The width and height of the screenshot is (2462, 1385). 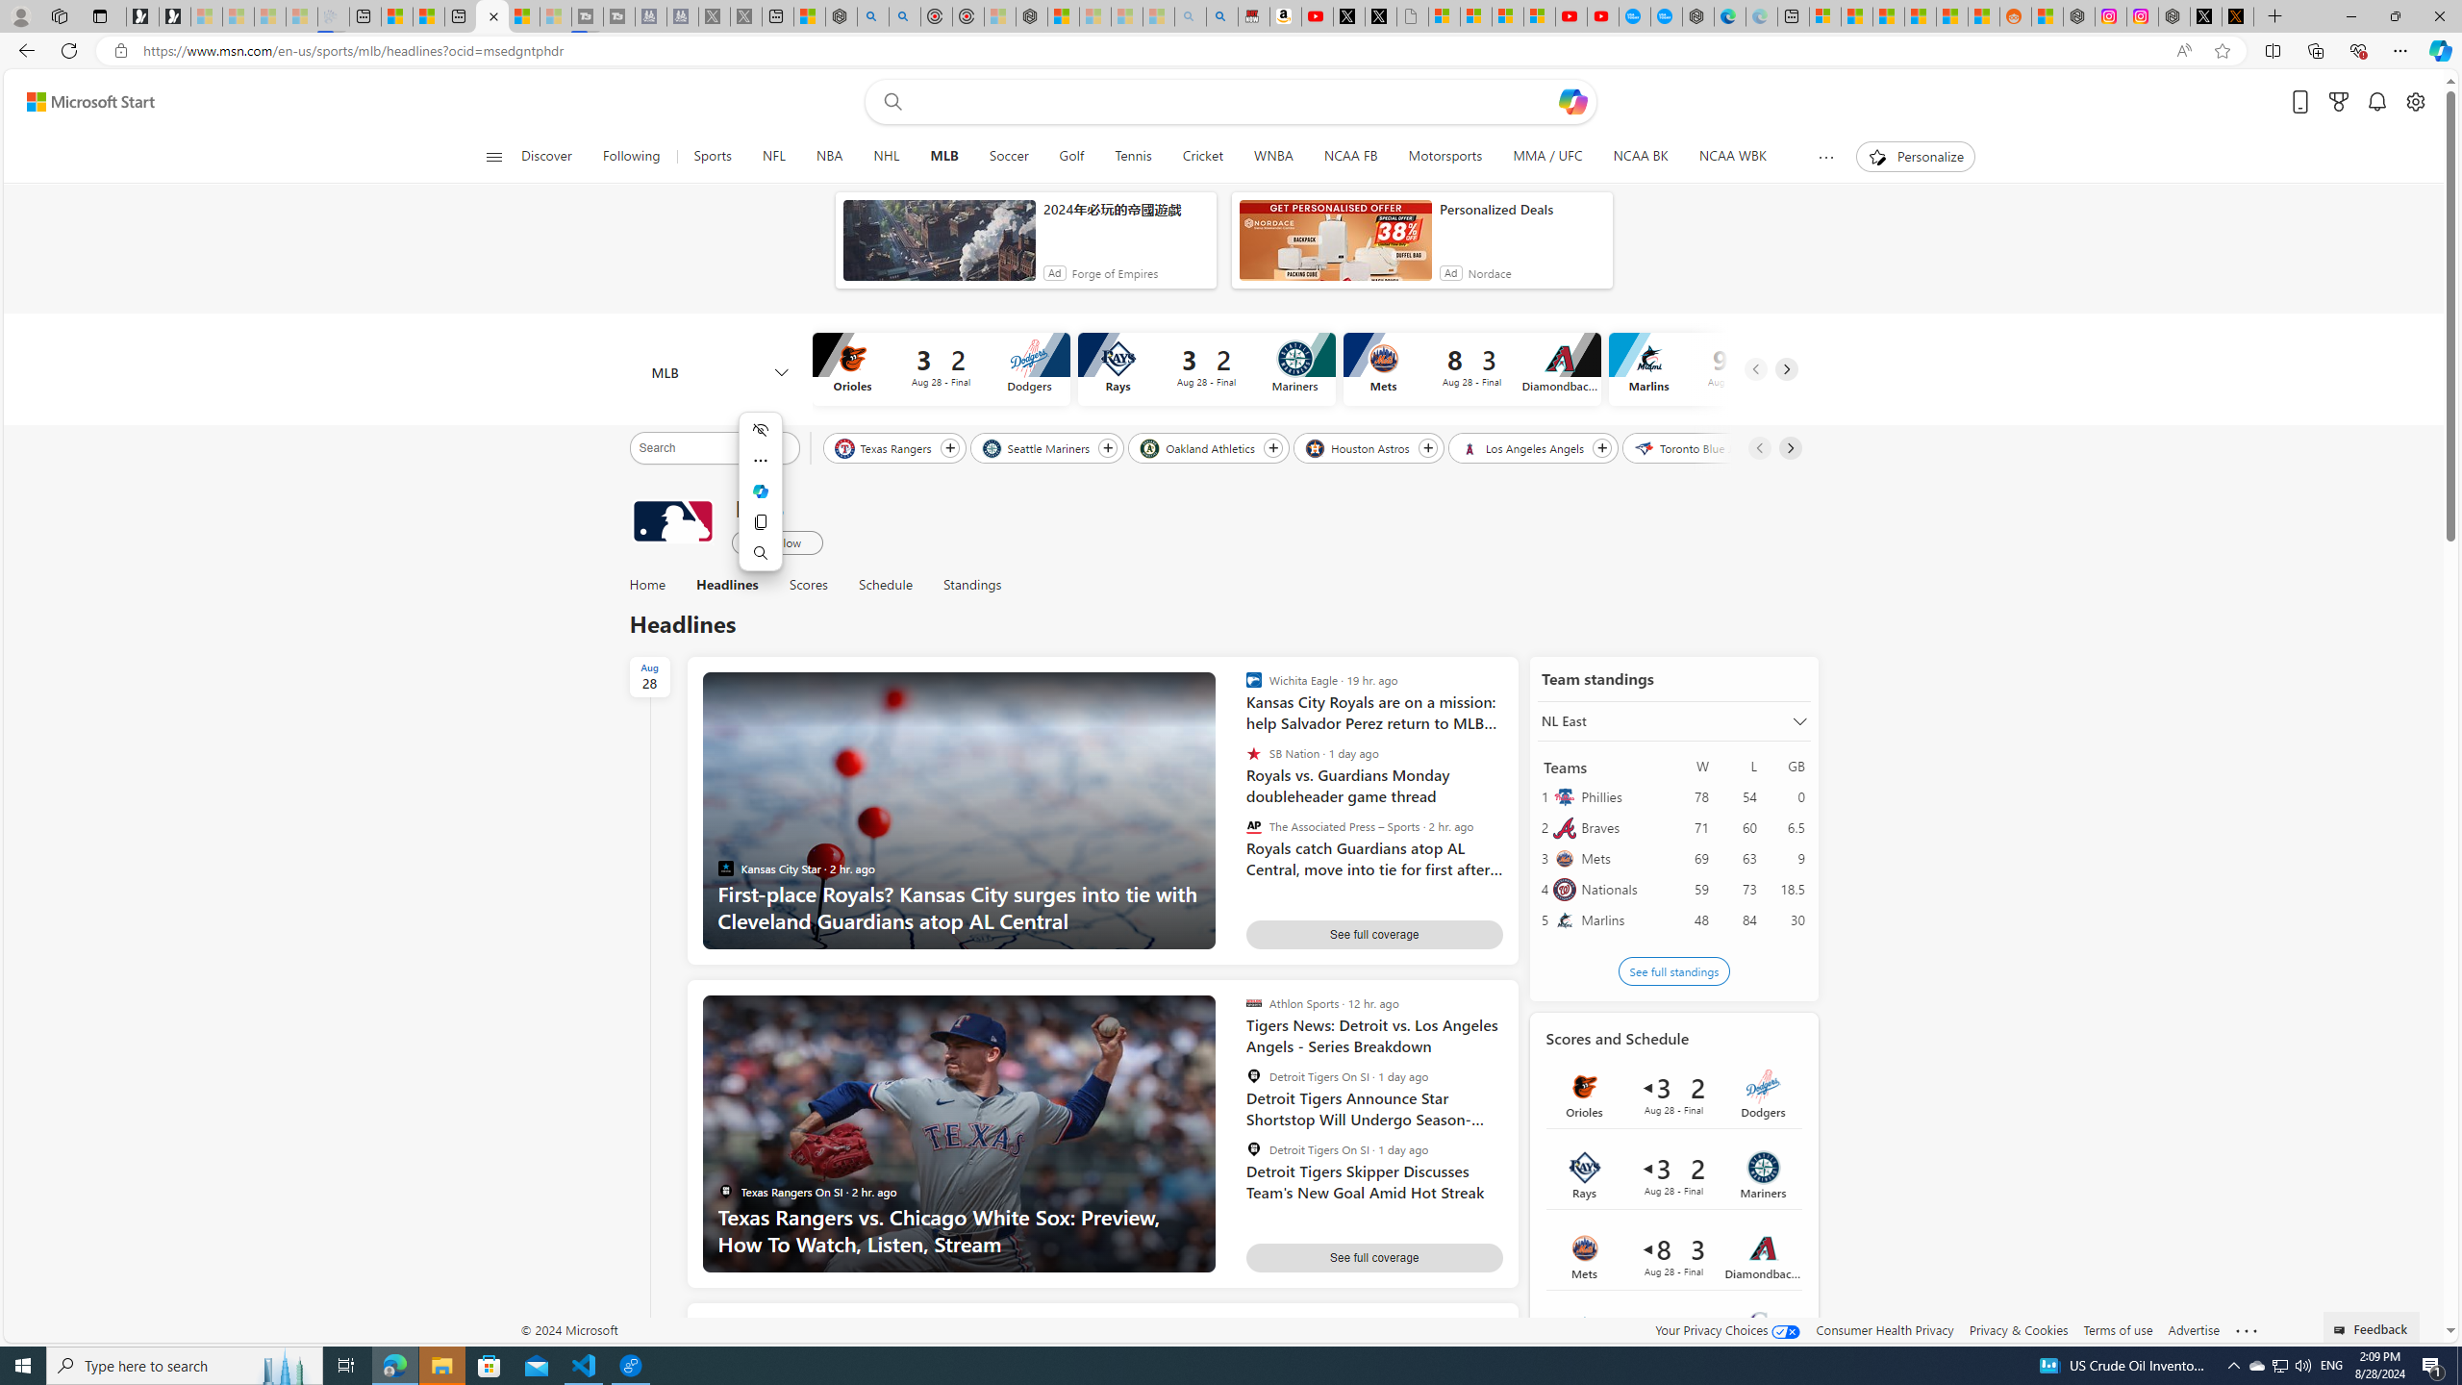 What do you see at coordinates (885, 585) in the screenshot?
I see `'Schedule'` at bounding box center [885, 585].